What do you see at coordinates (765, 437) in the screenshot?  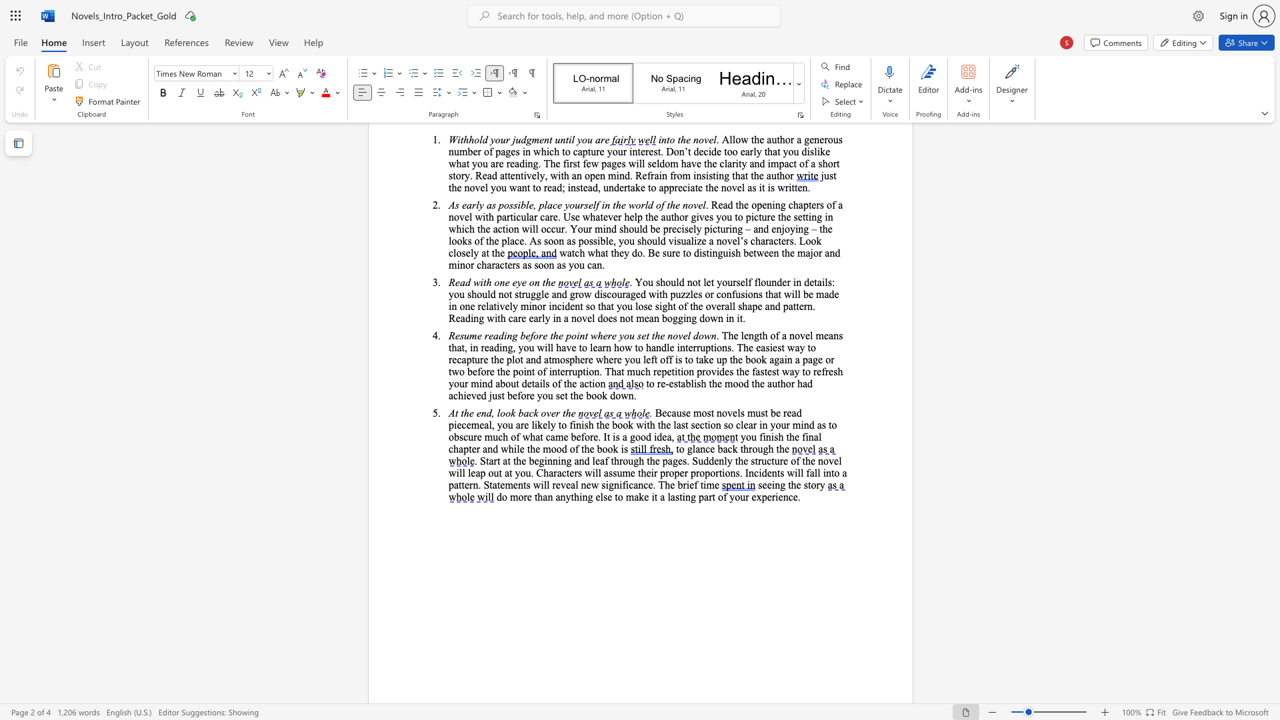 I see `the subset text "nish th" within the text "you finish the"` at bounding box center [765, 437].